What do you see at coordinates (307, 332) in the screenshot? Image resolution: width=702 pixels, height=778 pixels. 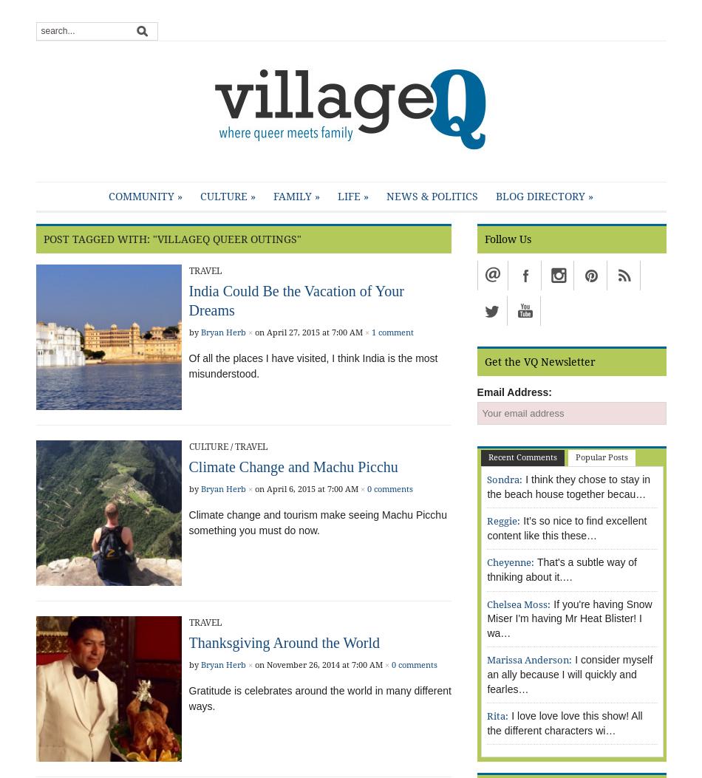 I see `'on April 27, 2015 at 7:00 AM'` at bounding box center [307, 332].